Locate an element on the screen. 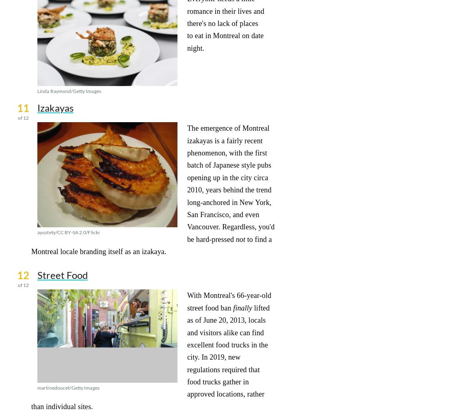  'martinedoucet/Getty Images' is located at coordinates (68, 387).